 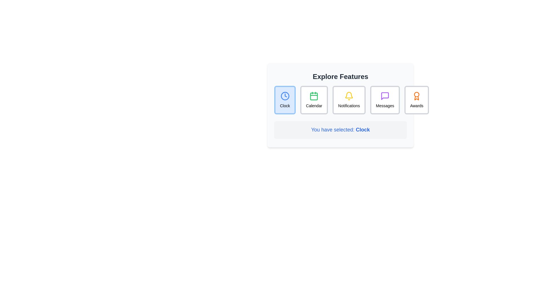 What do you see at coordinates (285, 100) in the screenshot?
I see `the first interactive feature card with a blue border located at the top-left of the feature card group` at bounding box center [285, 100].